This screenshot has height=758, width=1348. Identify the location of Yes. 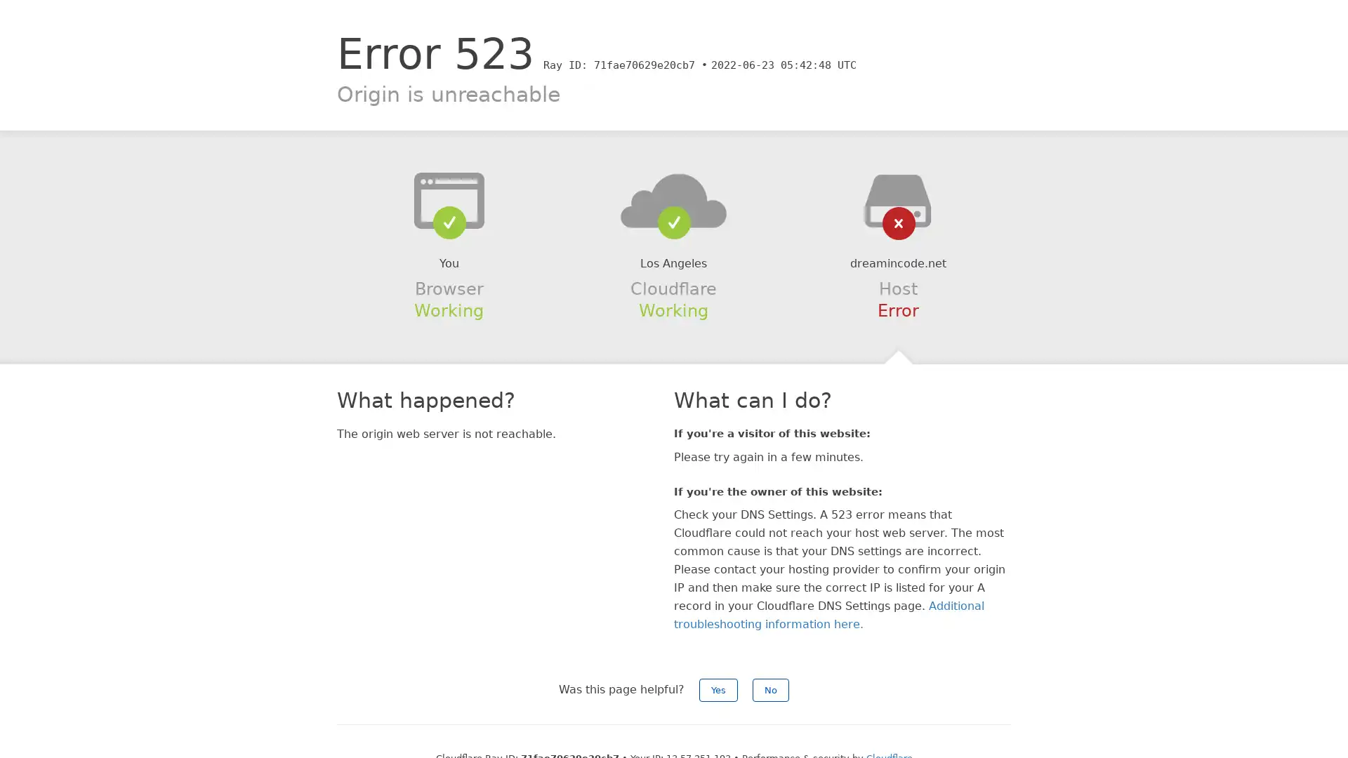
(718, 689).